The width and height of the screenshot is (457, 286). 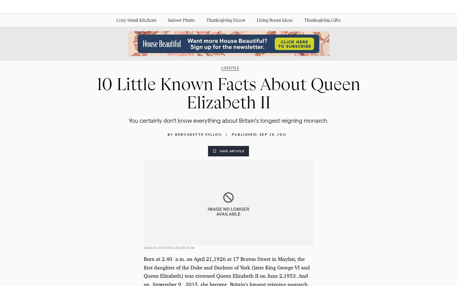 I want to click on 'Subscribe', so click(x=362, y=7).